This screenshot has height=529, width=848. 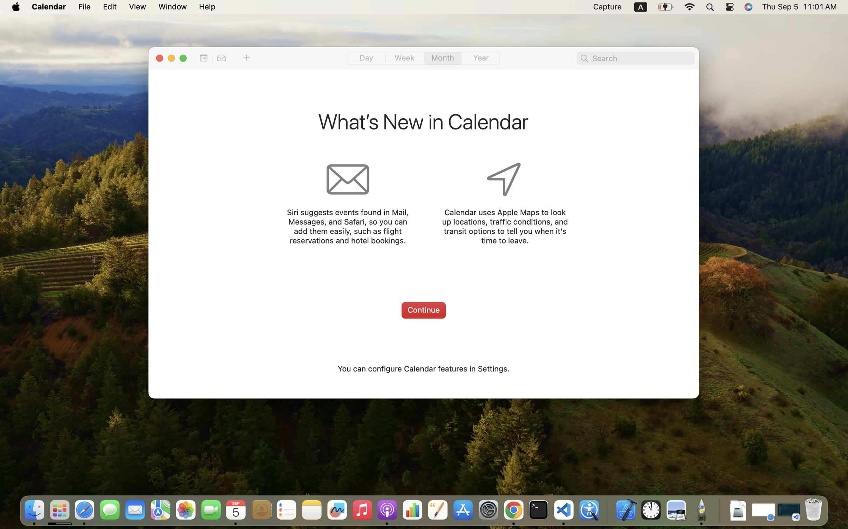 I want to click on 'What’s New in Calendar', so click(x=423, y=123).